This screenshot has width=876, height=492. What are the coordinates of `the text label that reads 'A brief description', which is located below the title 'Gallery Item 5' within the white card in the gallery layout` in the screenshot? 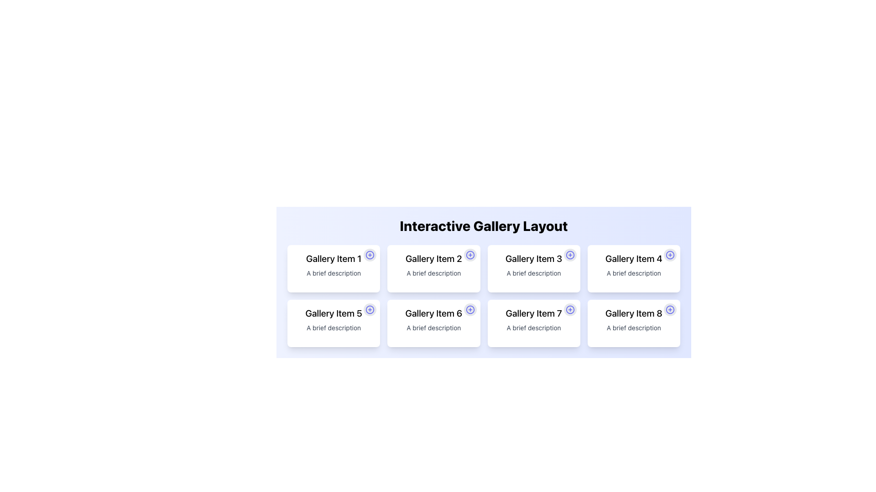 It's located at (333, 328).